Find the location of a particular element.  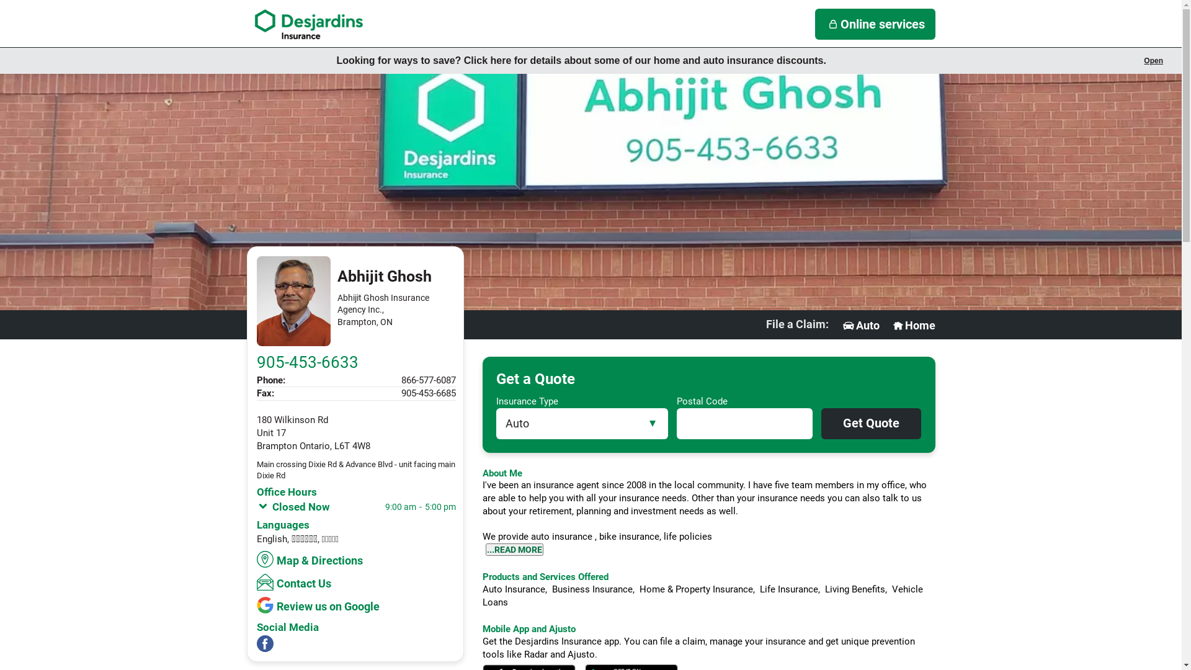

'Get Quote' is located at coordinates (870, 422).